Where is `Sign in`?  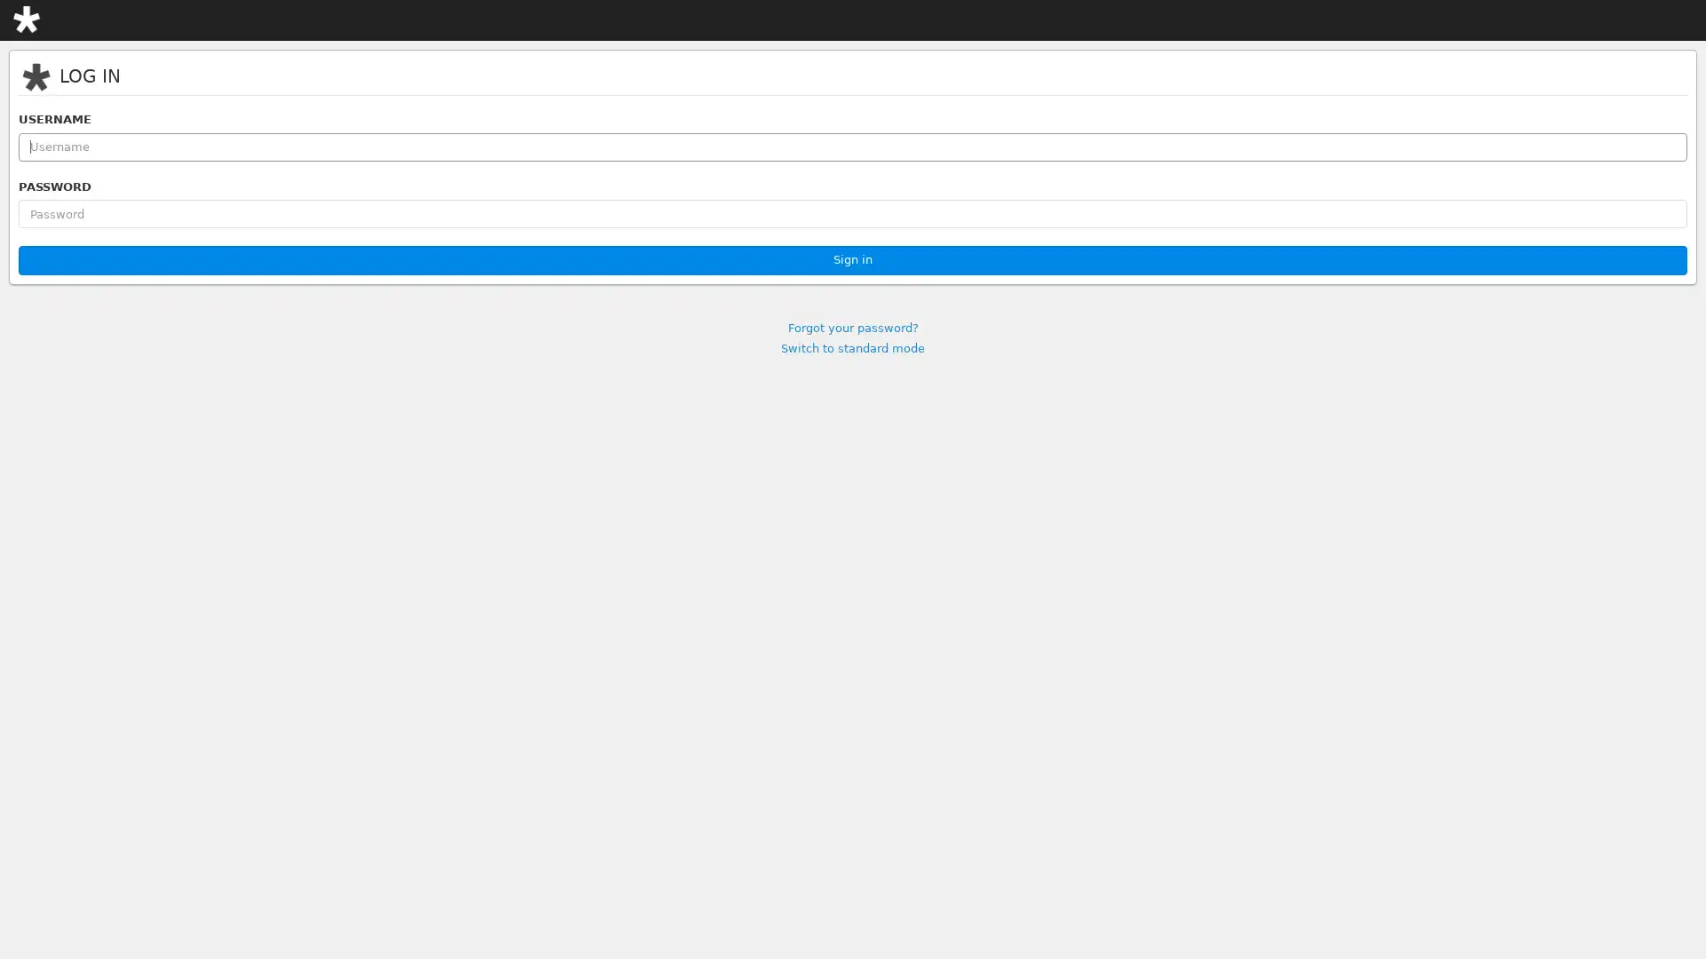
Sign in is located at coordinates (853, 260).